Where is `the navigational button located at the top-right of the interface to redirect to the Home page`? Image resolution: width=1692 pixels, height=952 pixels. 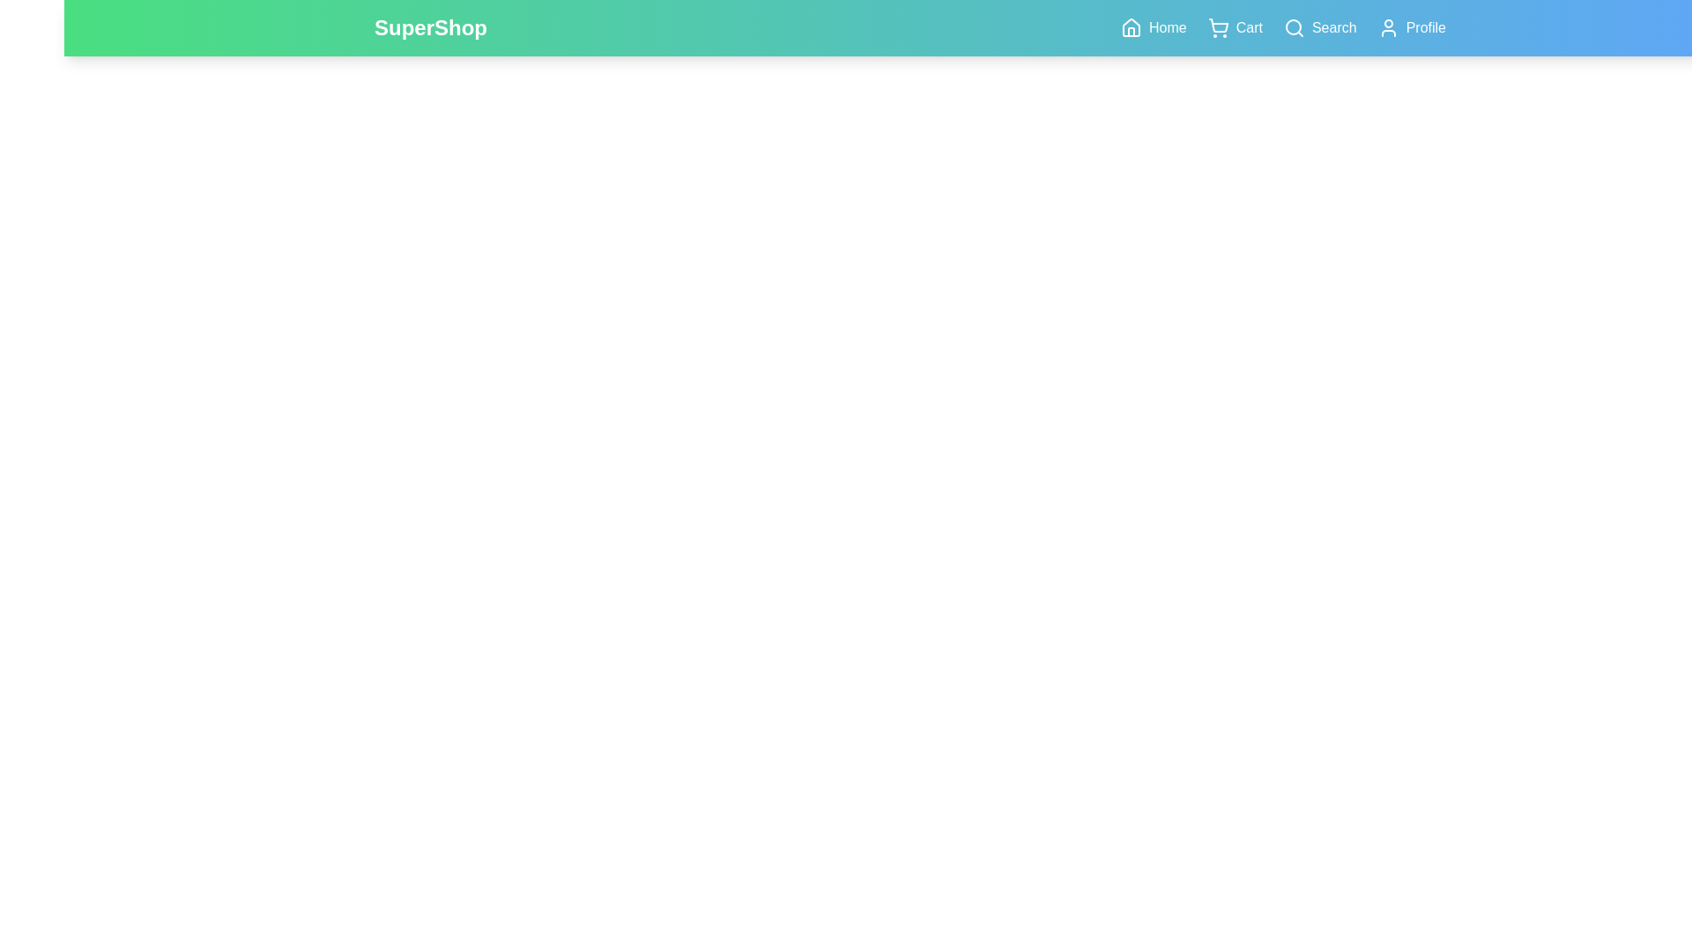
the navigational button located at the top-right of the interface to redirect to the Home page is located at coordinates (1154, 27).